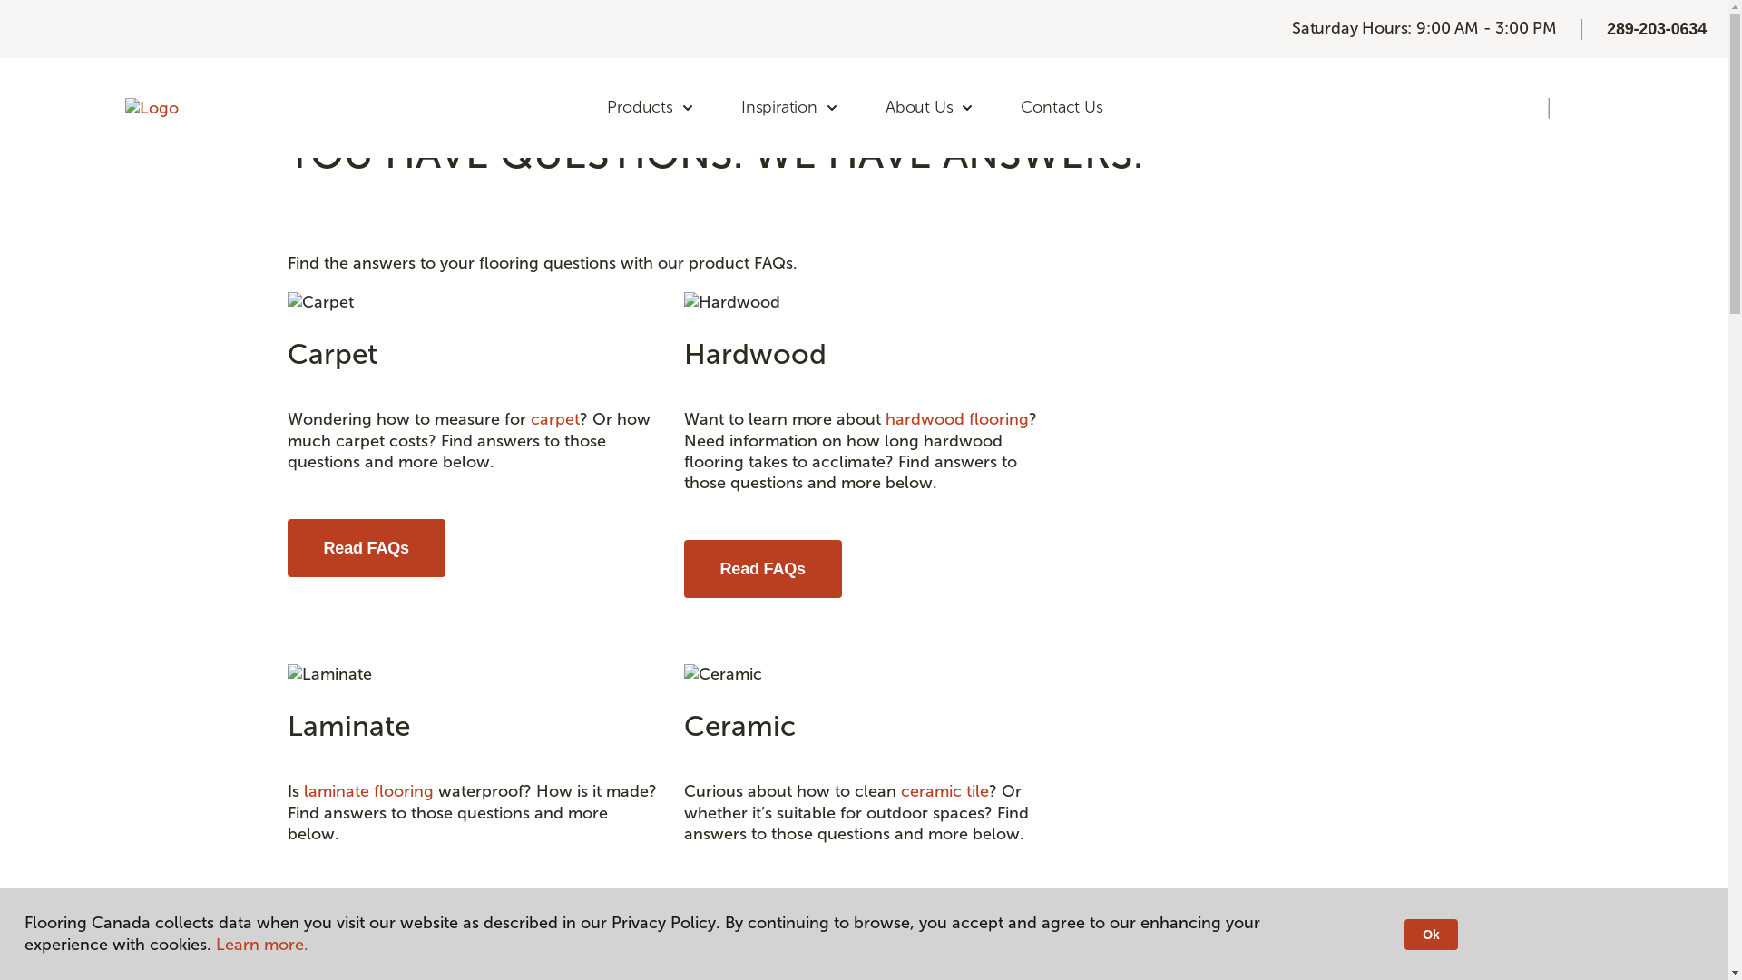  What do you see at coordinates (588, 108) in the screenshot?
I see `'Products'` at bounding box center [588, 108].